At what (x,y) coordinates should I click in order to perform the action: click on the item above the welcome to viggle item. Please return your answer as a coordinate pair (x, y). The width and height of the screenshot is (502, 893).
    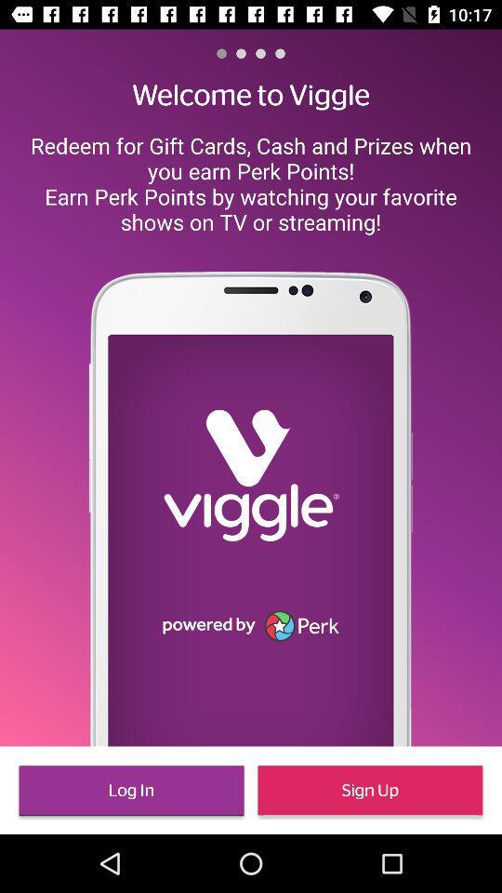
    Looking at the image, I should click on (259, 52).